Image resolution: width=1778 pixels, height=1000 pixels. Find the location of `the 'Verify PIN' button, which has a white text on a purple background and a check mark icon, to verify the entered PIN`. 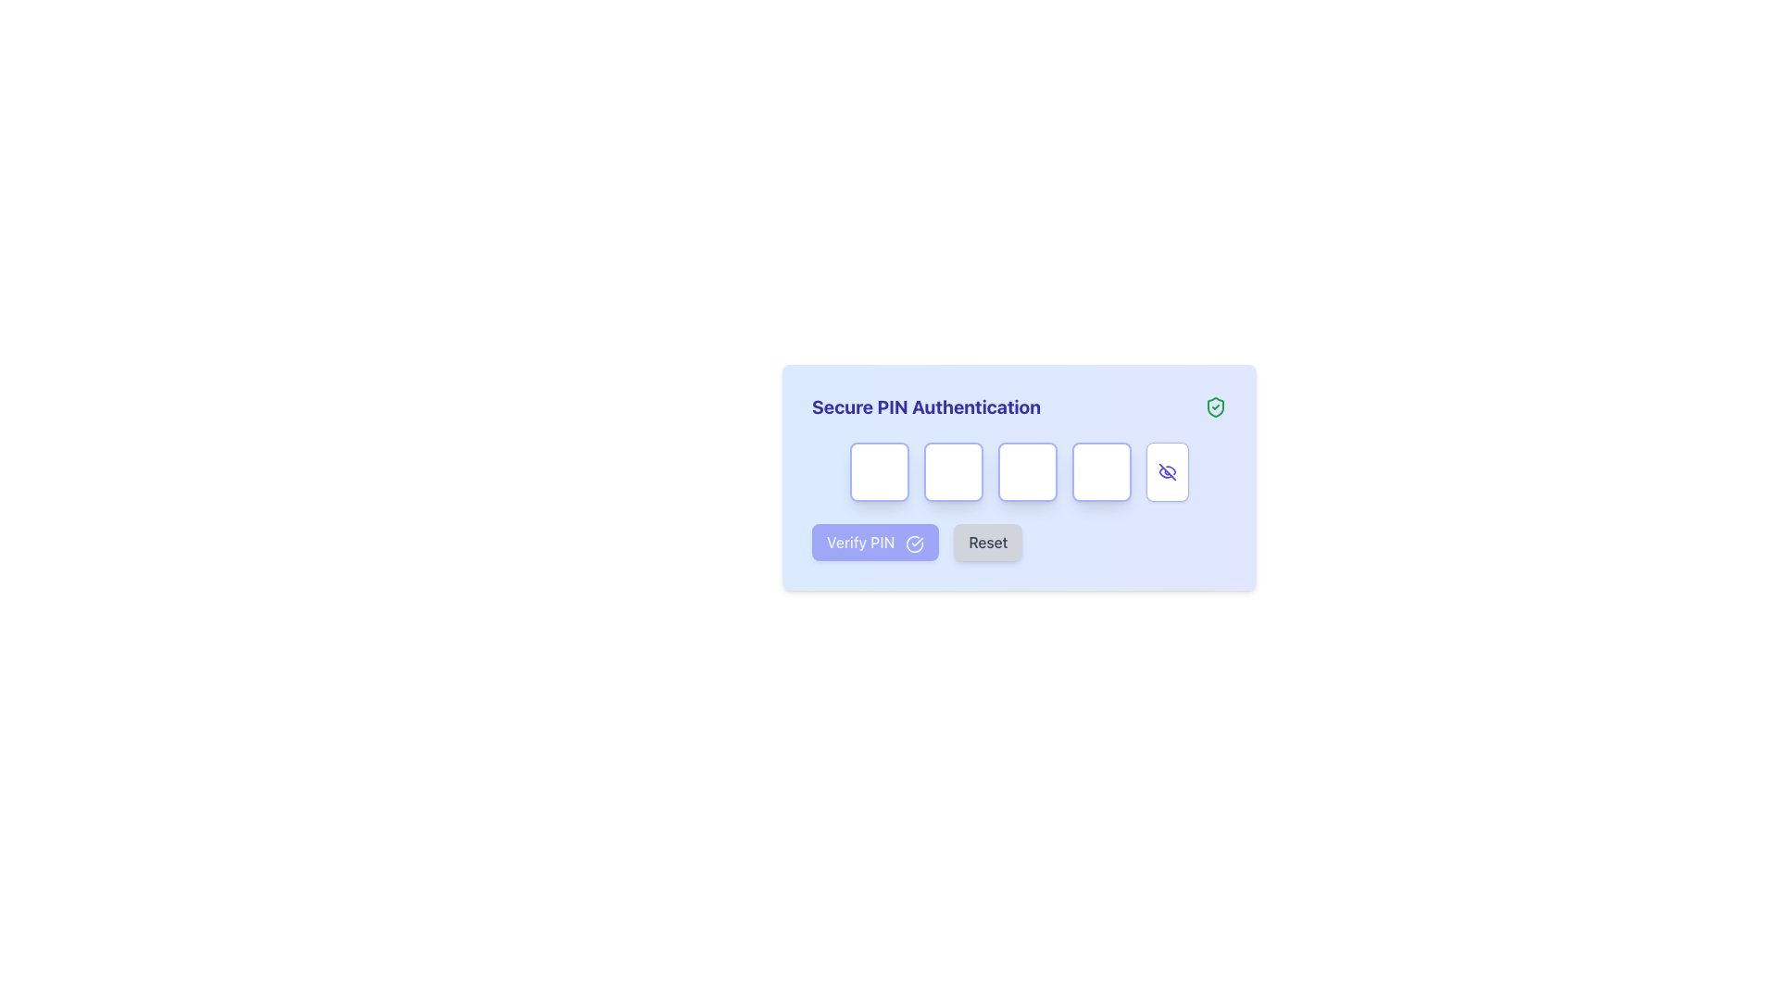

the 'Verify PIN' button, which has a white text on a purple background and a check mark icon, to verify the entered PIN is located at coordinates (874, 542).